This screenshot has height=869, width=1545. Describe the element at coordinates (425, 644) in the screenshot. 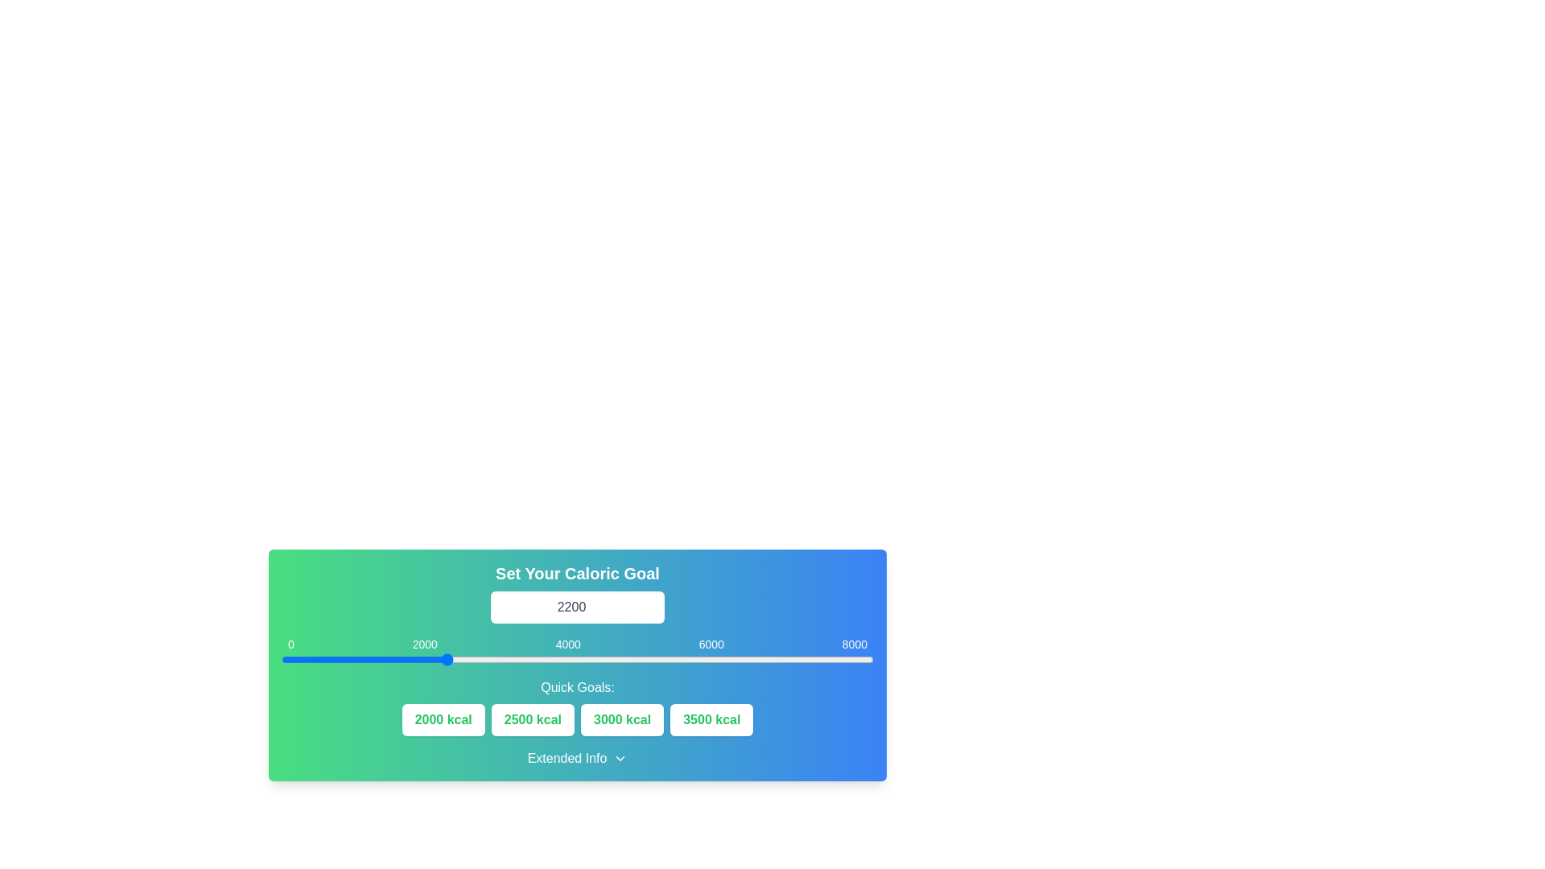

I see `text label that represents the initial value of the slider, located between '0' and '4000'` at that location.